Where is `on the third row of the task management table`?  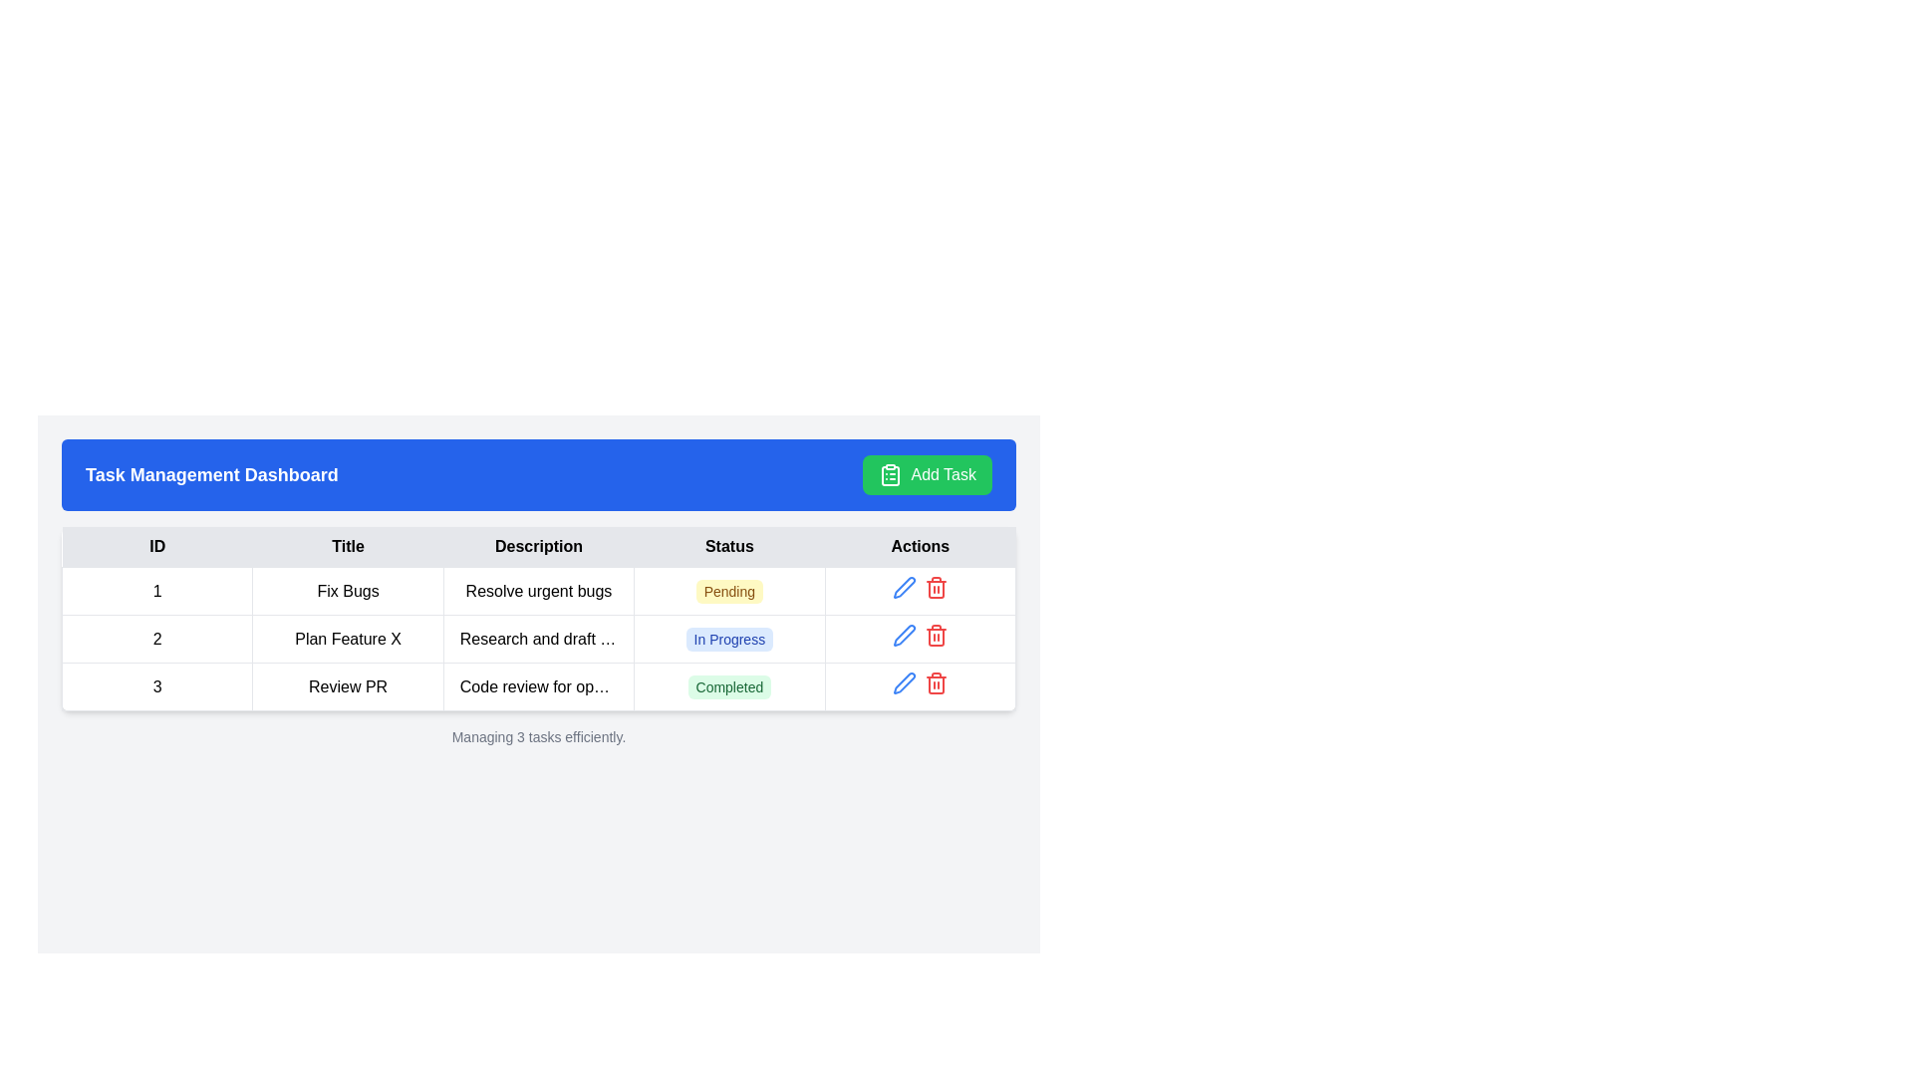
on the third row of the task management table is located at coordinates (539, 685).